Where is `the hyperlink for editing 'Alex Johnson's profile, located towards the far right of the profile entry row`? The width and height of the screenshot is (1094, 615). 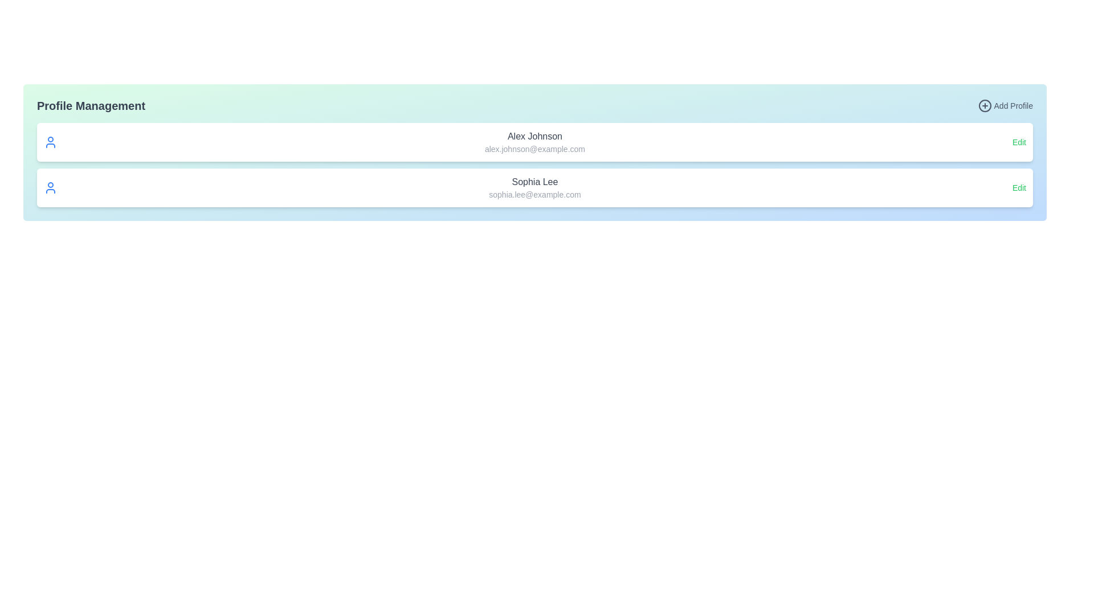
the hyperlink for editing 'Alex Johnson's profile, located towards the far right of the profile entry row is located at coordinates (1019, 142).